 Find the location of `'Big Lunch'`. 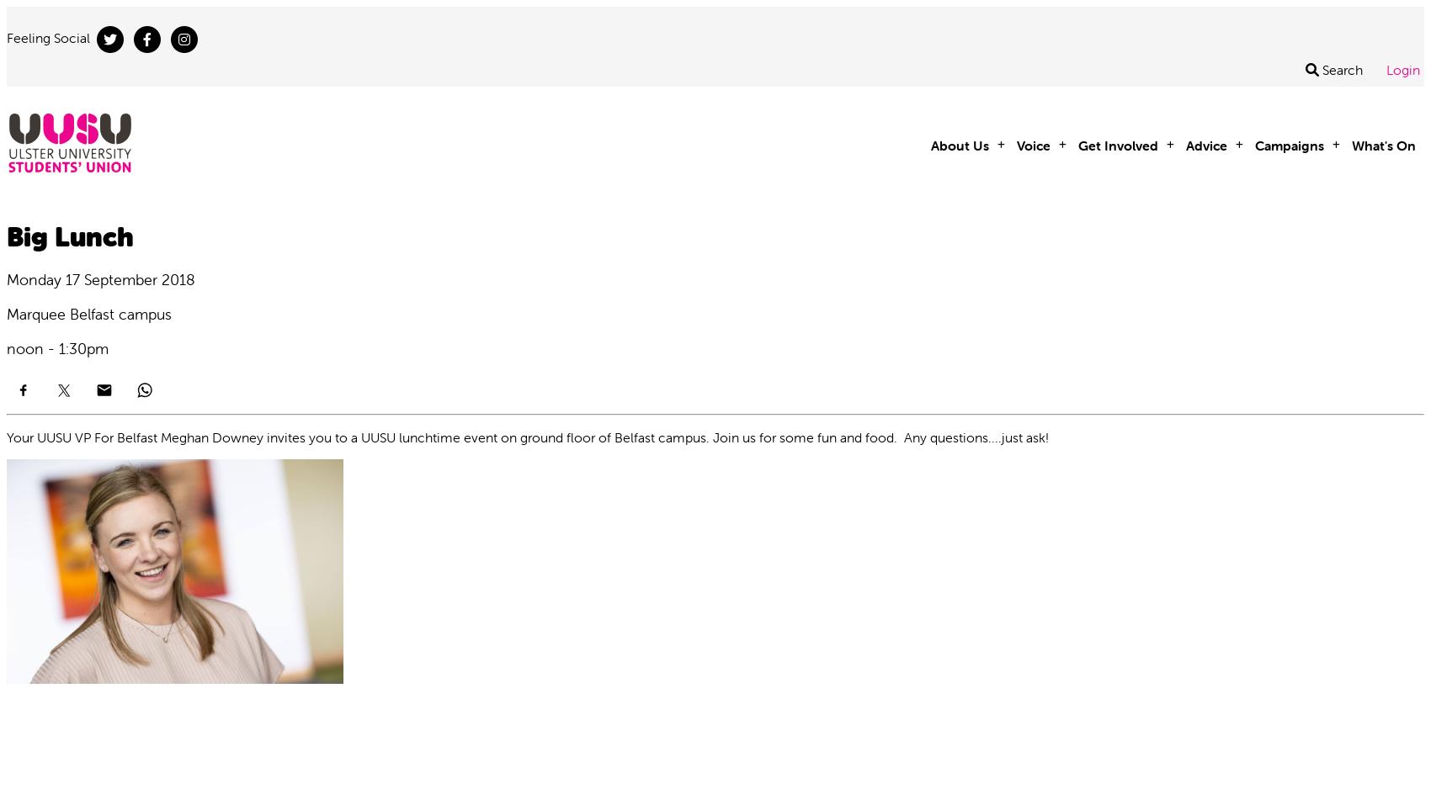

'Big Lunch' is located at coordinates (6, 236).